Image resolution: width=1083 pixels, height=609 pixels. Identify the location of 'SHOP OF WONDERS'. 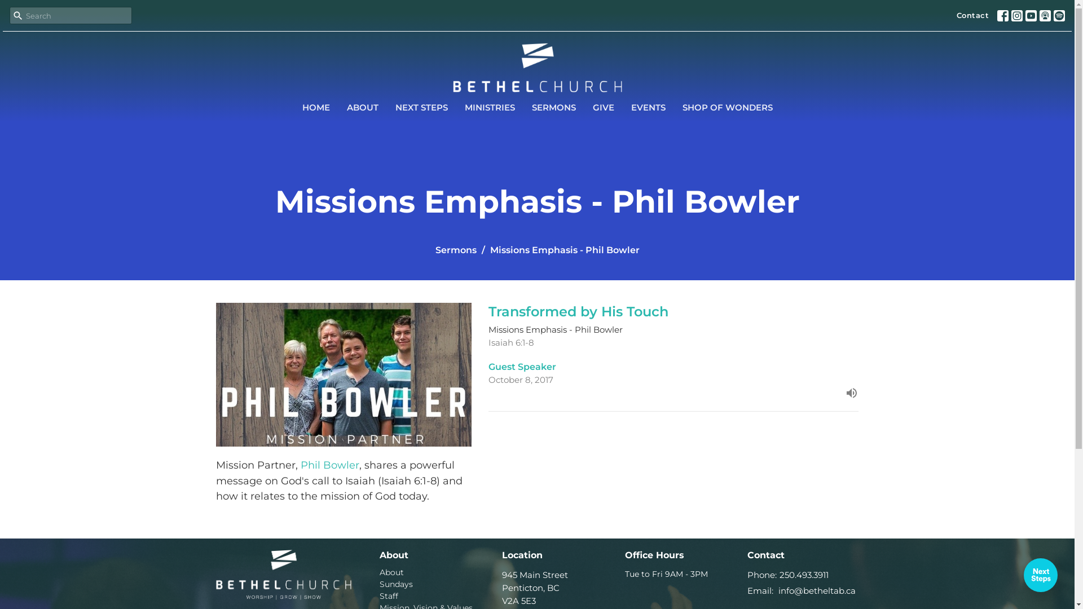
(728, 107).